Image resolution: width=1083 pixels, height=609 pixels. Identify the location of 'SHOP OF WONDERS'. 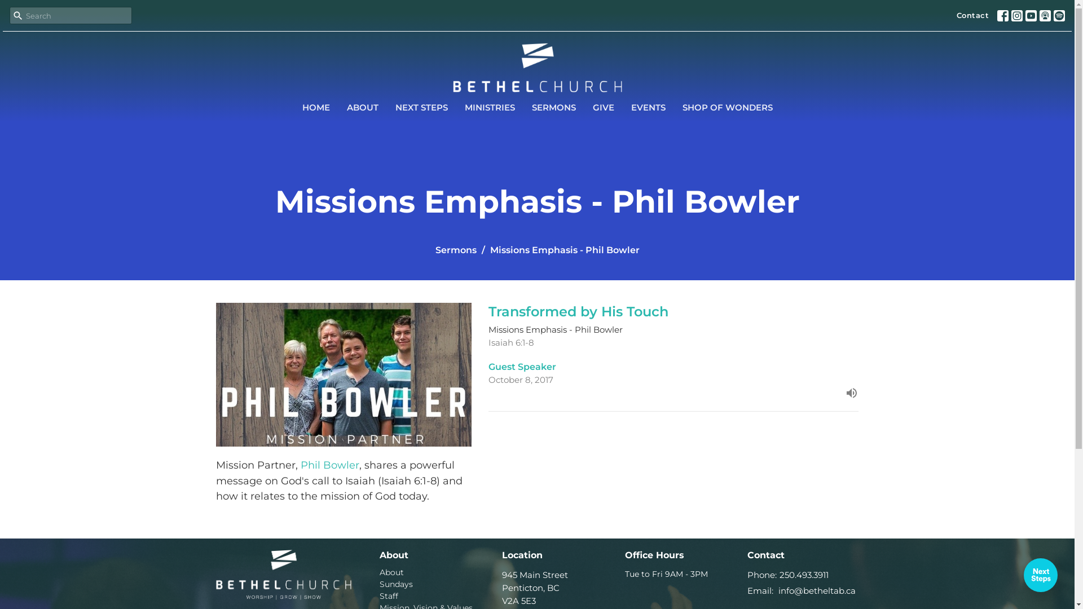
(728, 107).